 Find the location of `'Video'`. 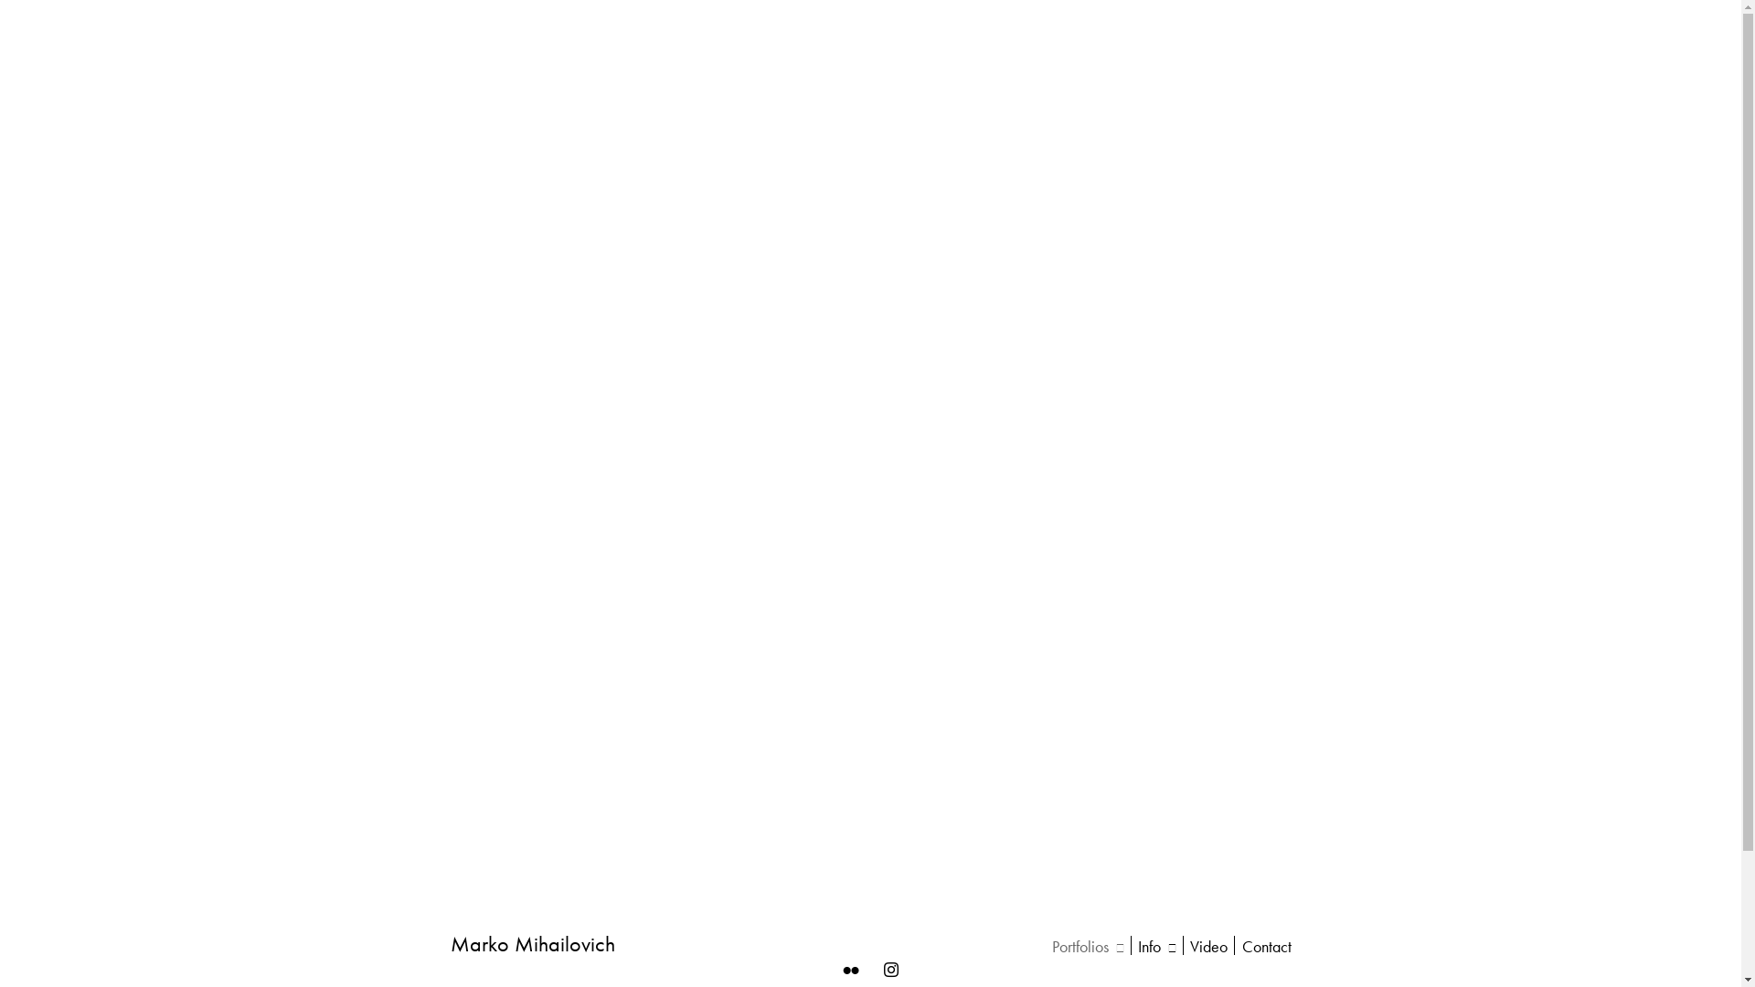

'Video' is located at coordinates (1189, 946).